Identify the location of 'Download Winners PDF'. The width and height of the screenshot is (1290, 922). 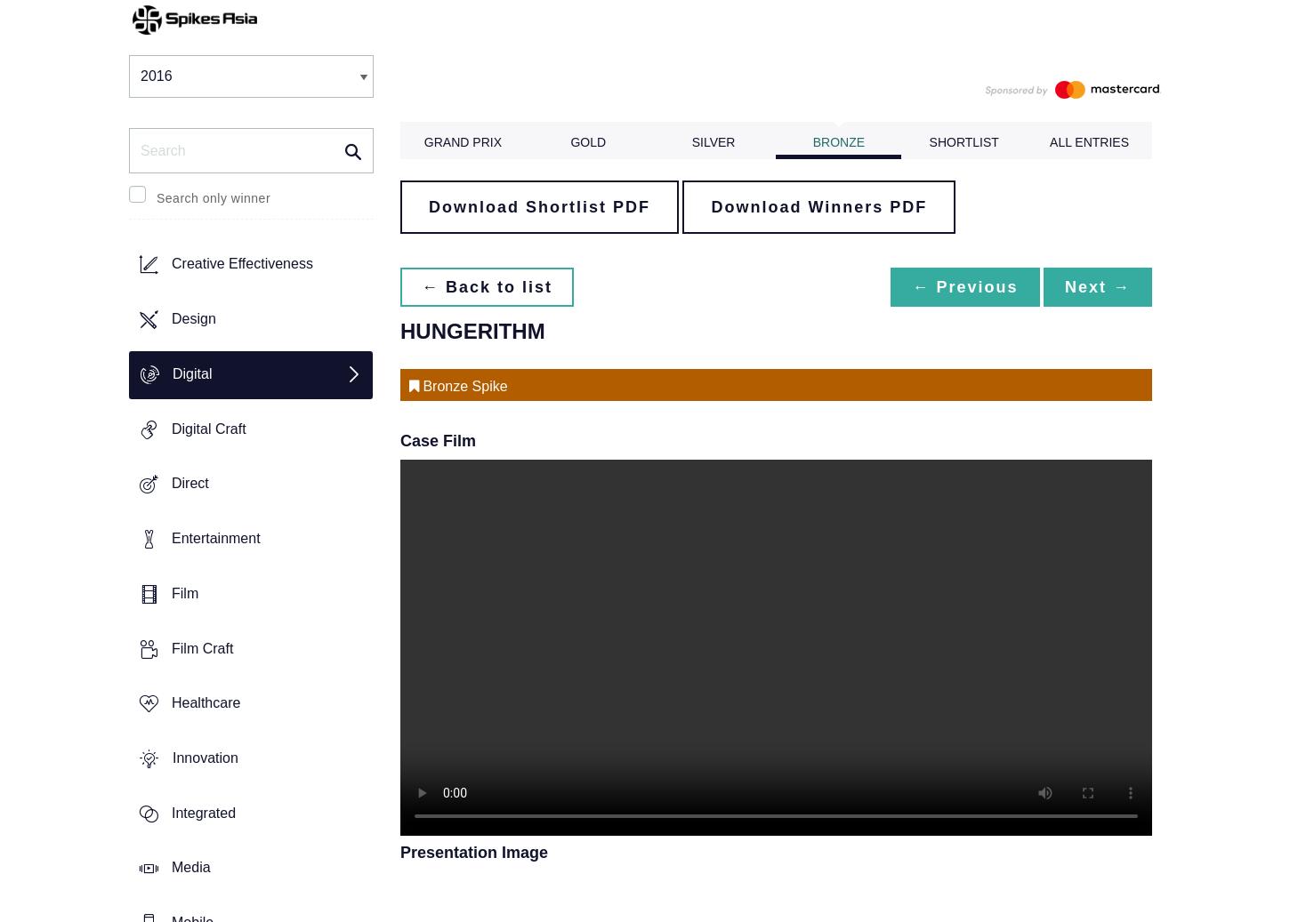
(818, 204).